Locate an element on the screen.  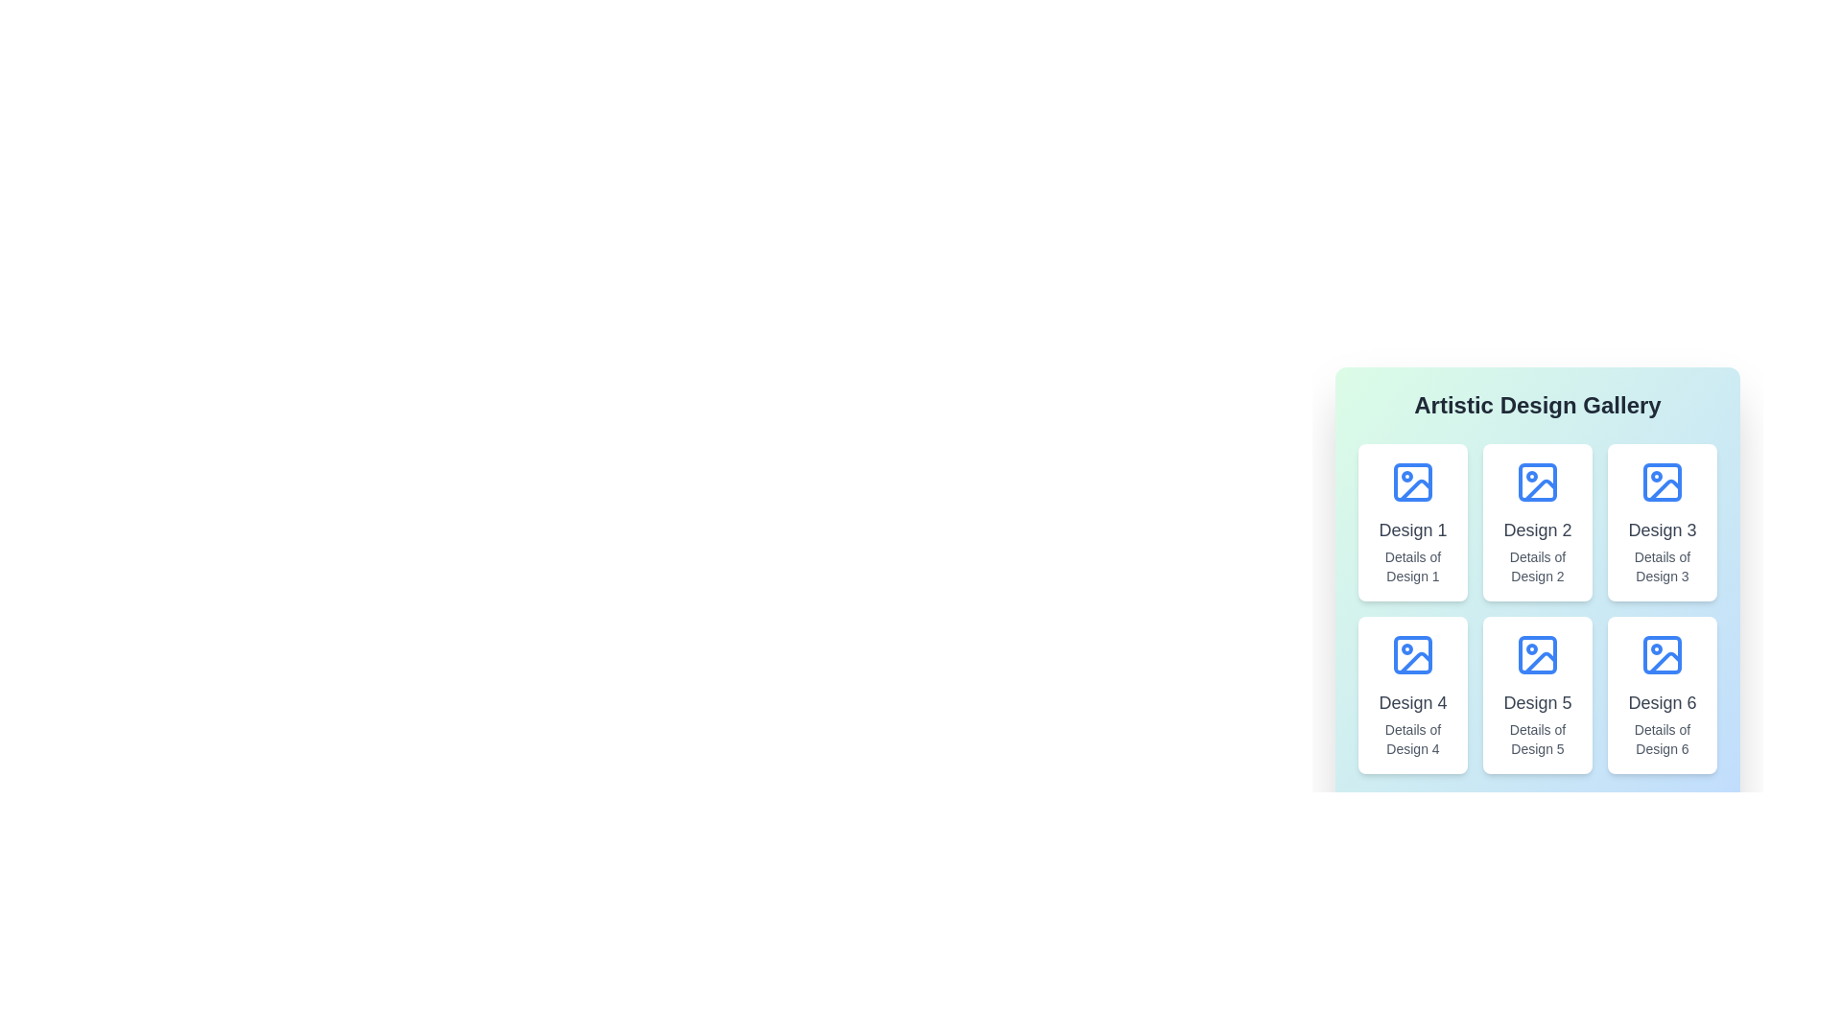
the Icon background of the second icon in the top row of the 'Artistic Design Gallery' grid layout, located in the 'Design 2' section is located at coordinates (1538, 481).